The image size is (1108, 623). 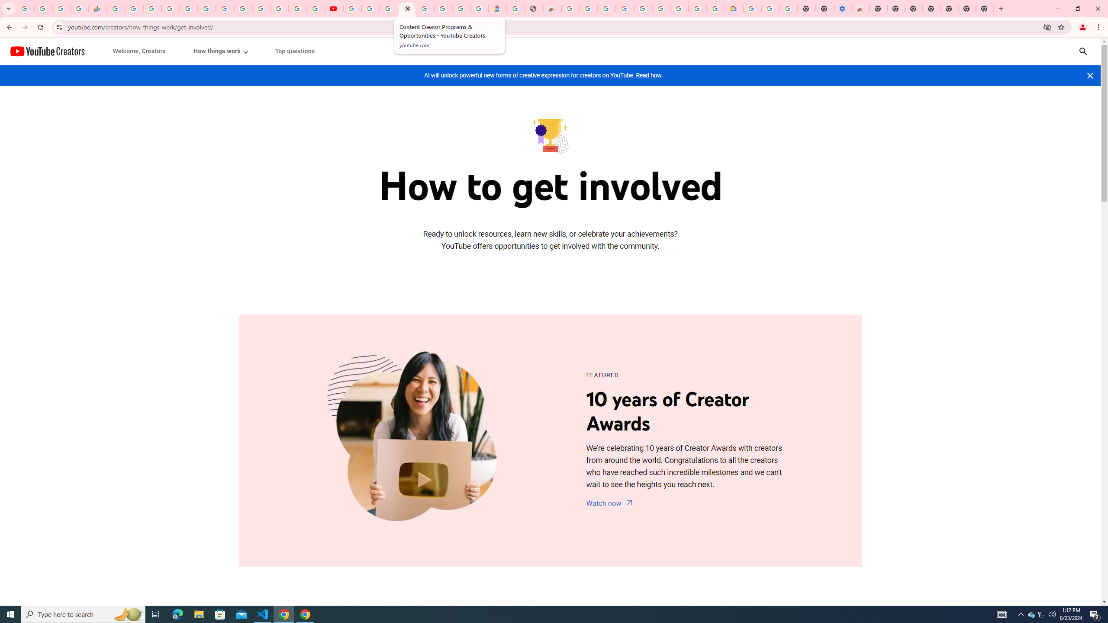 What do you see at coordinates (48, 51) in the screenshot?
I see `'YouTube Creators'` at bounding box center [48, 51].